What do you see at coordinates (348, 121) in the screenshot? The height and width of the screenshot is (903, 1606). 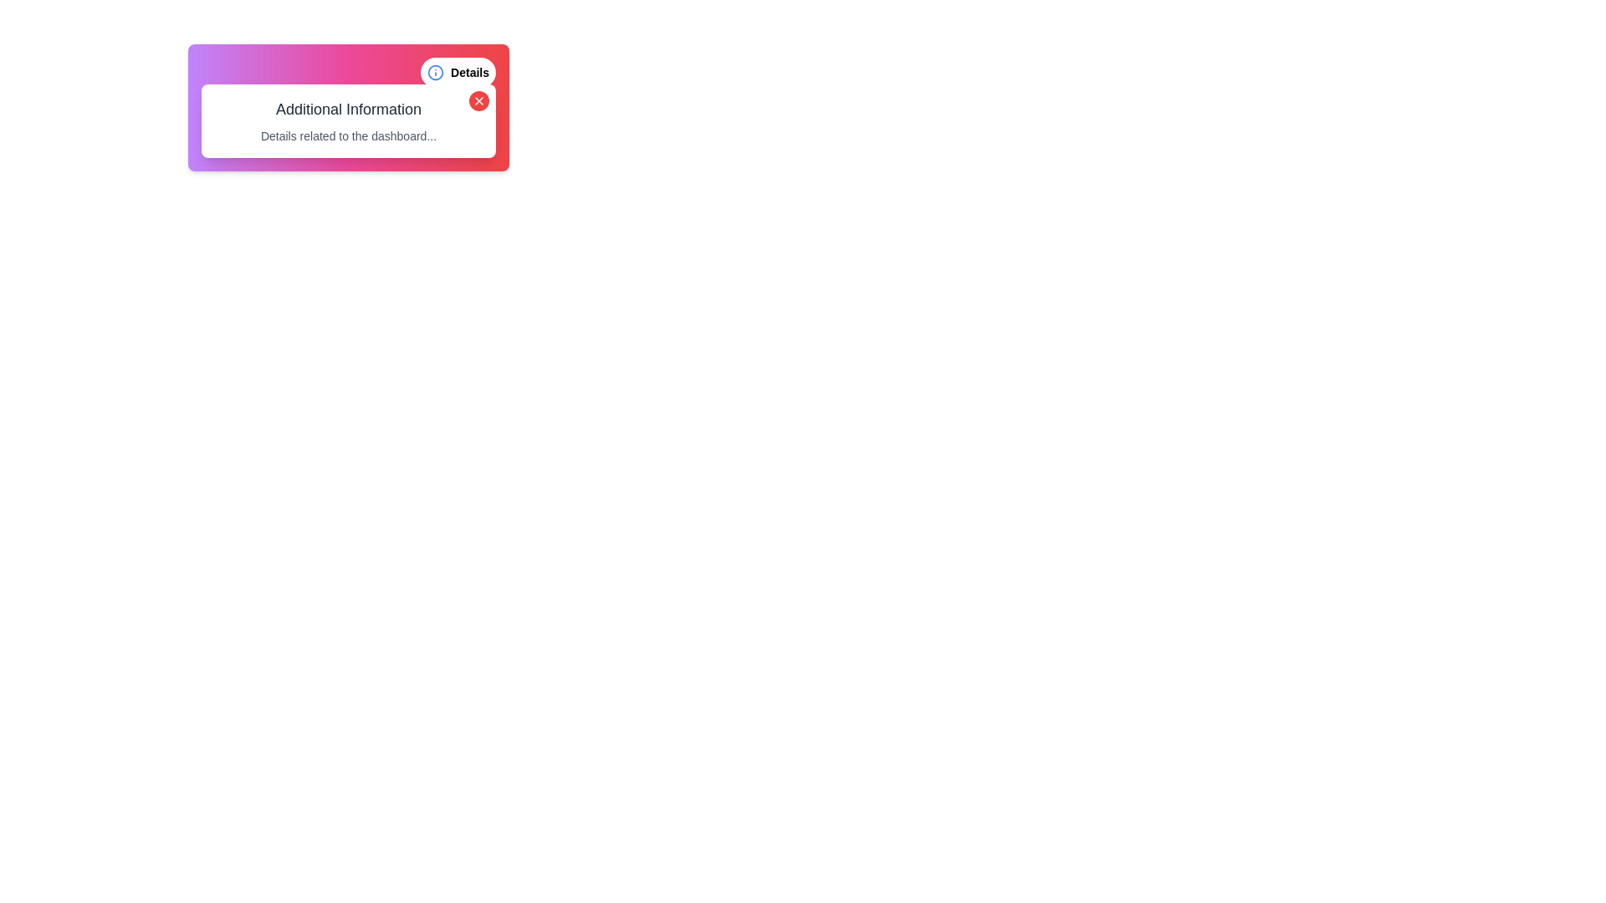 I see `the Heading element that serves as a title, positioned above the text 'Monitor various metrics and activities.'` at bounding box center [348, 121].